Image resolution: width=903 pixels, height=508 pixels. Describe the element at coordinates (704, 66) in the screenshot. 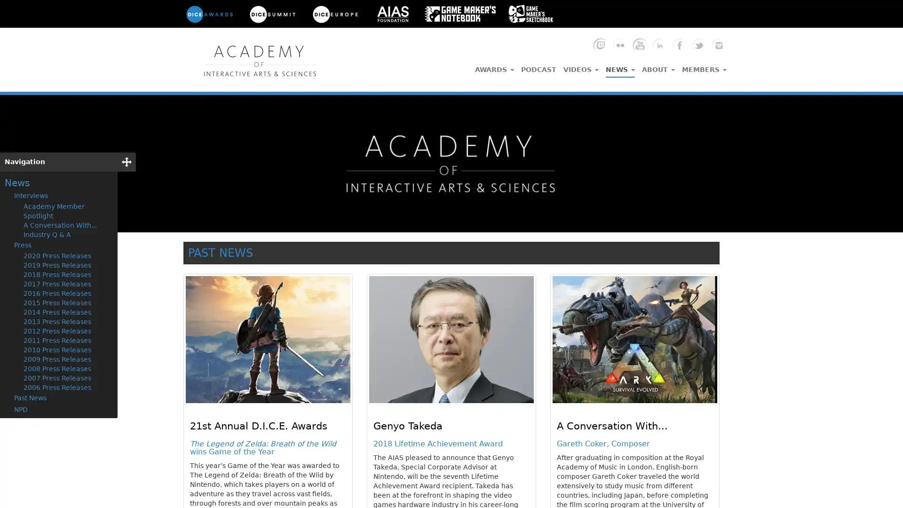

I see `MEMBERS` at that location.